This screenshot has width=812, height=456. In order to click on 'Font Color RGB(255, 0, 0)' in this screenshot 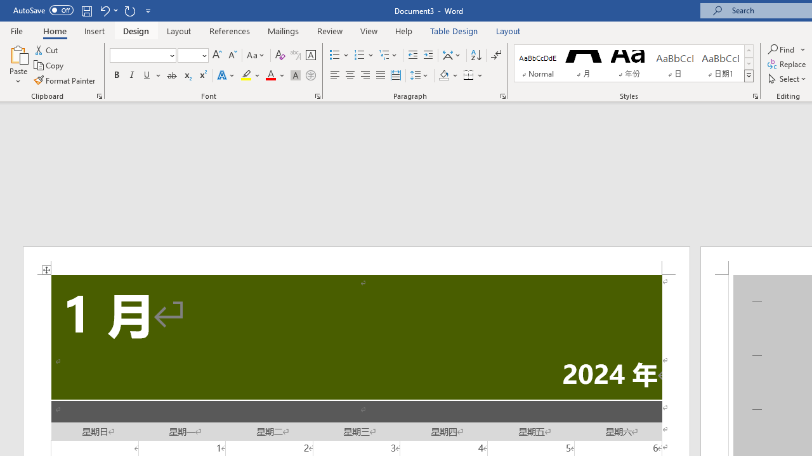, I will do `click(270, 75)`.